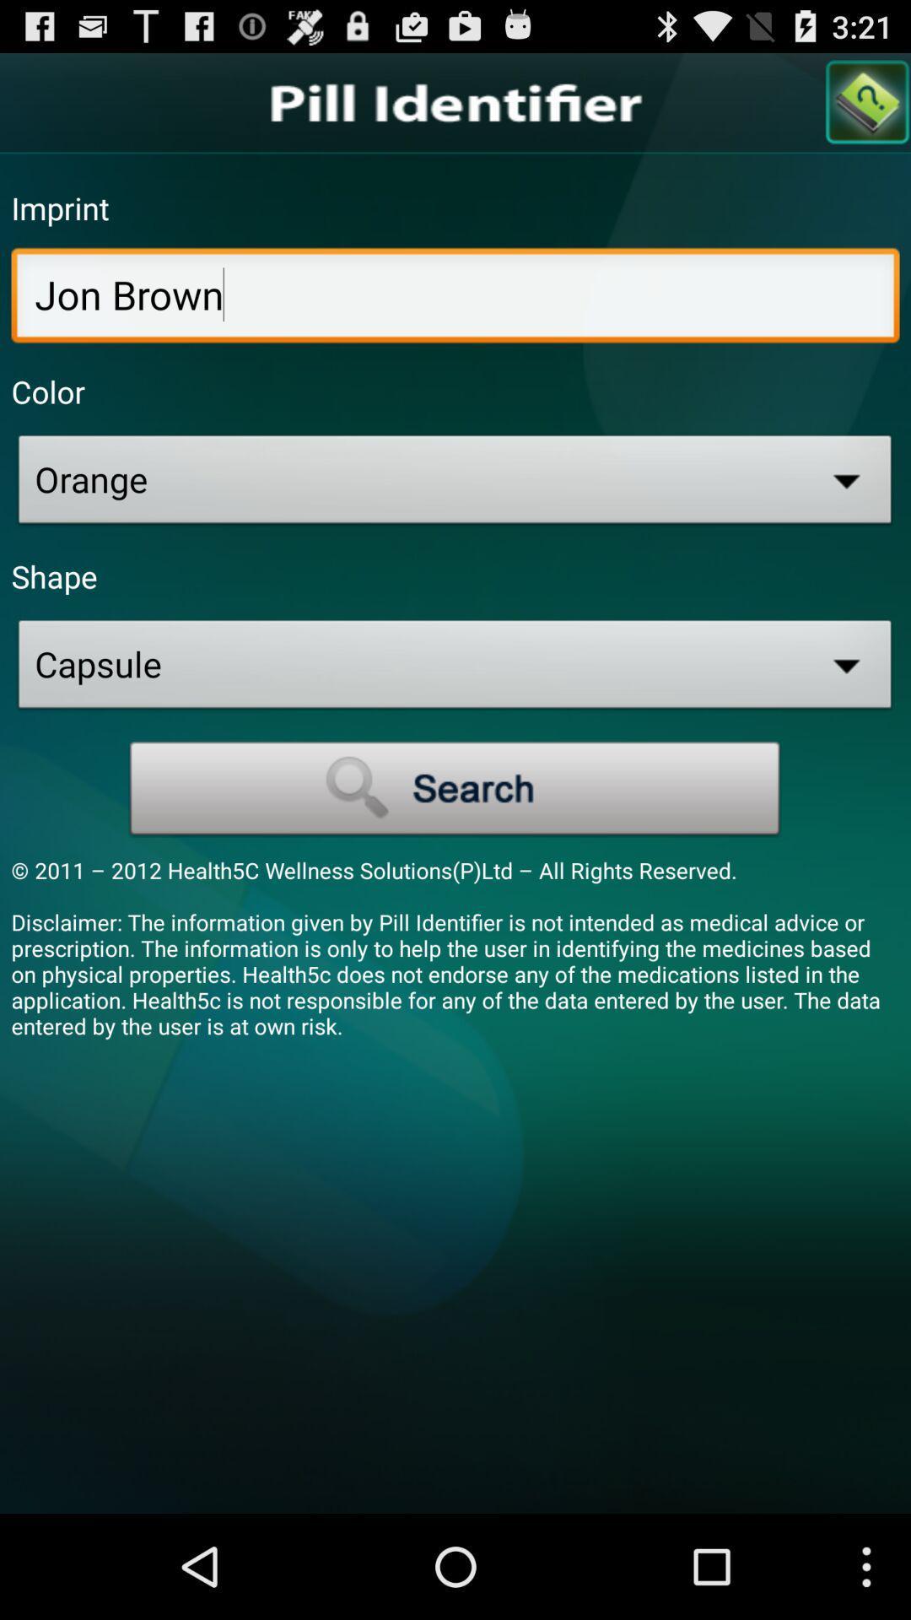 The image size is (911, 1620). What do you see at coordinates (868, 101) in the screenshot?
I see `query option` at bounding box center [868, 101].